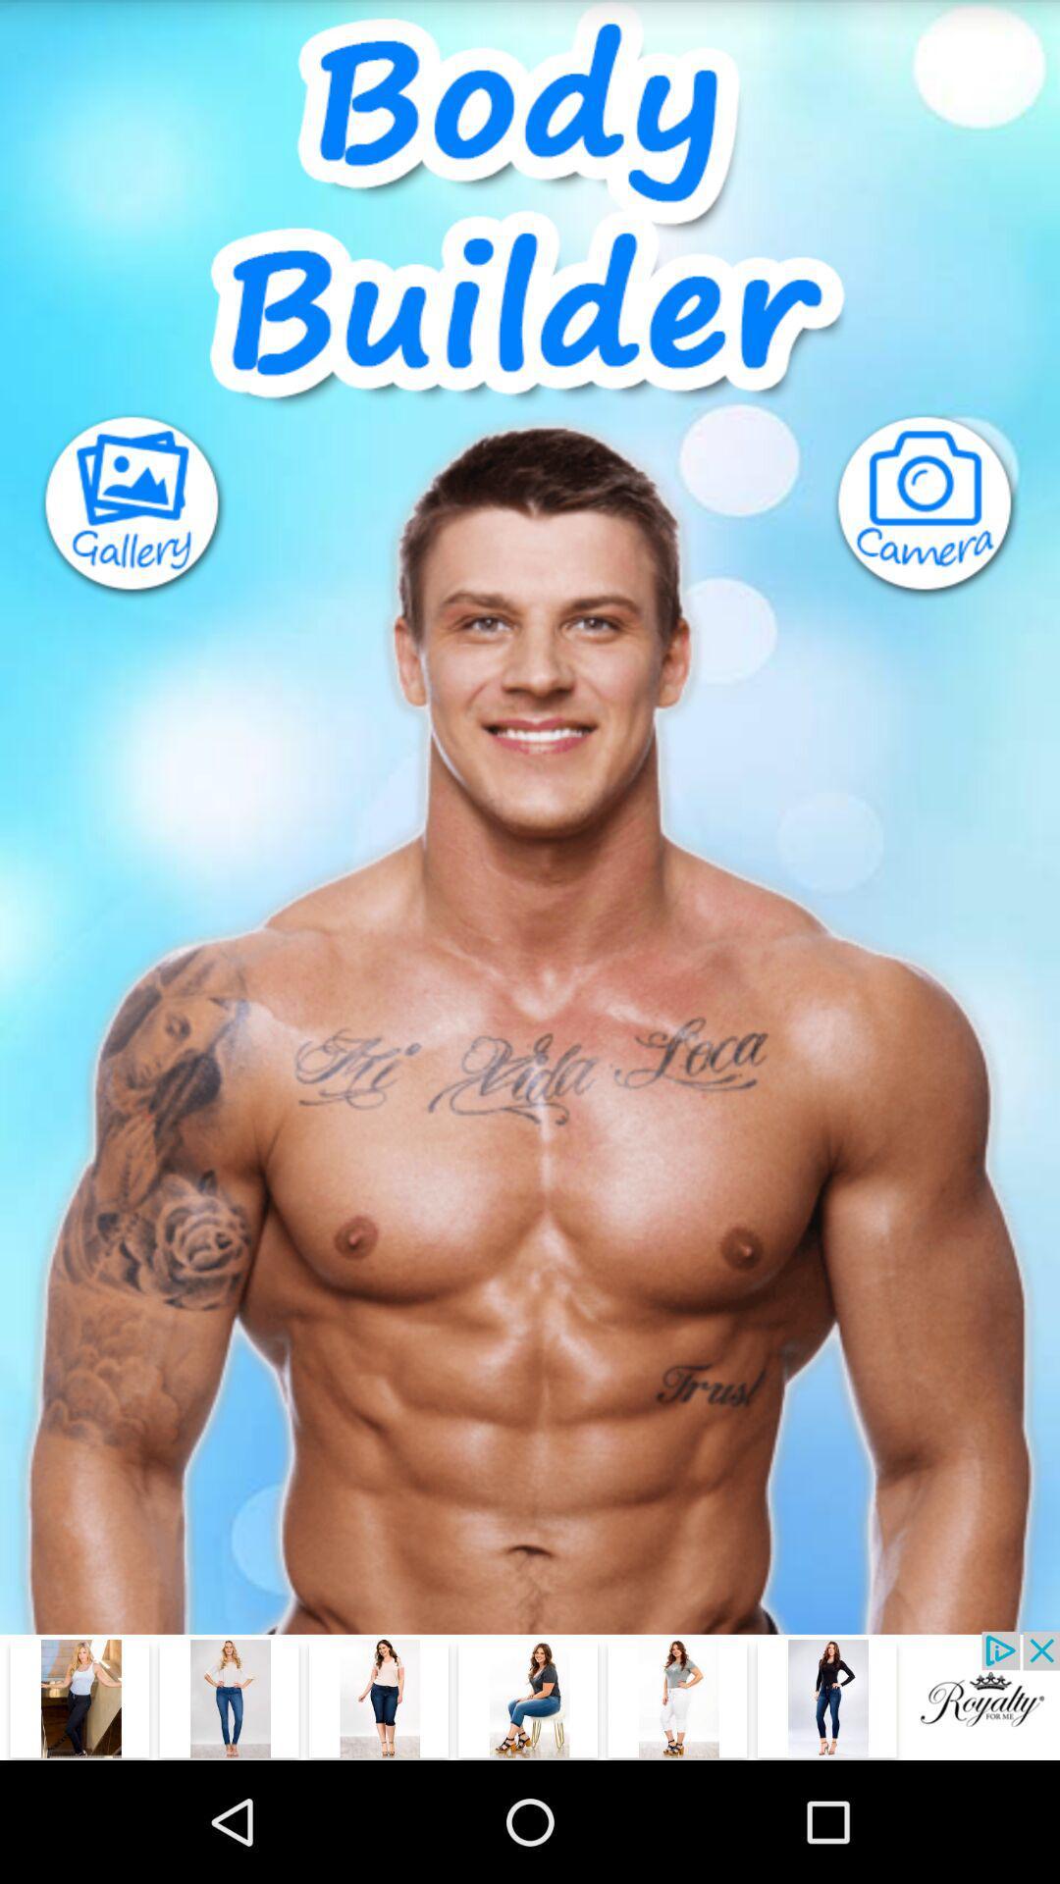 Image resolution: width=1060 pixels, height=1884 pixels. What do you see at coordinates (114, 506) in the screenshot?
I see `photo gallery` at bounding box center [114, 506].